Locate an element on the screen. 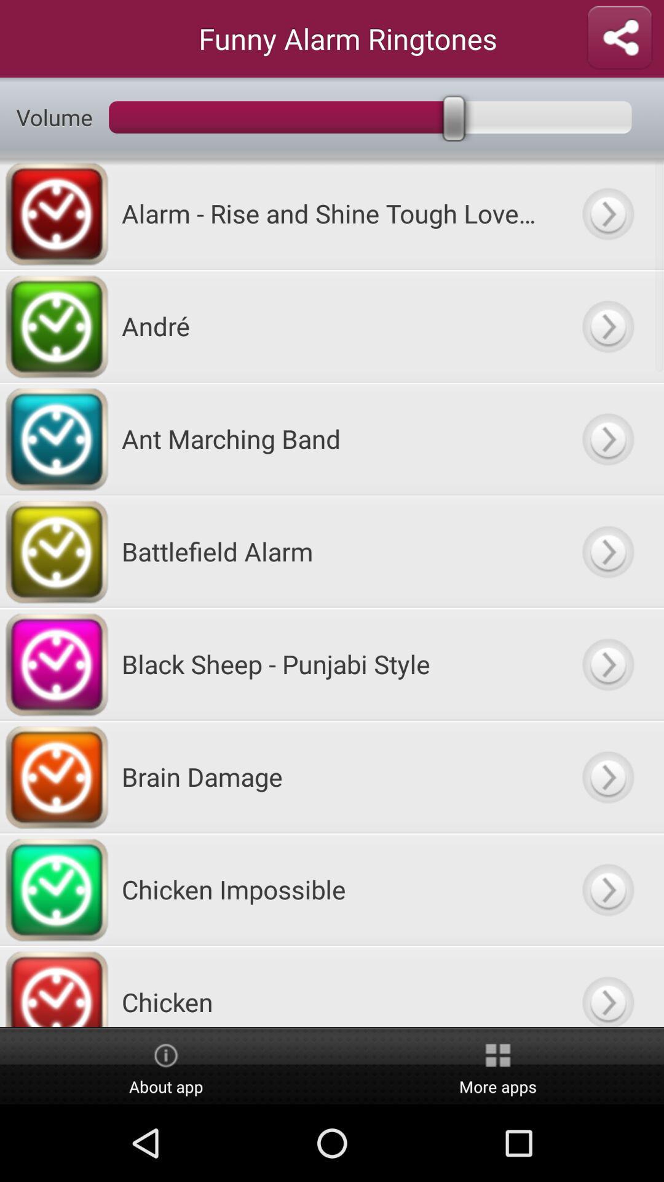  click the link is located at coordinates (607, 889).